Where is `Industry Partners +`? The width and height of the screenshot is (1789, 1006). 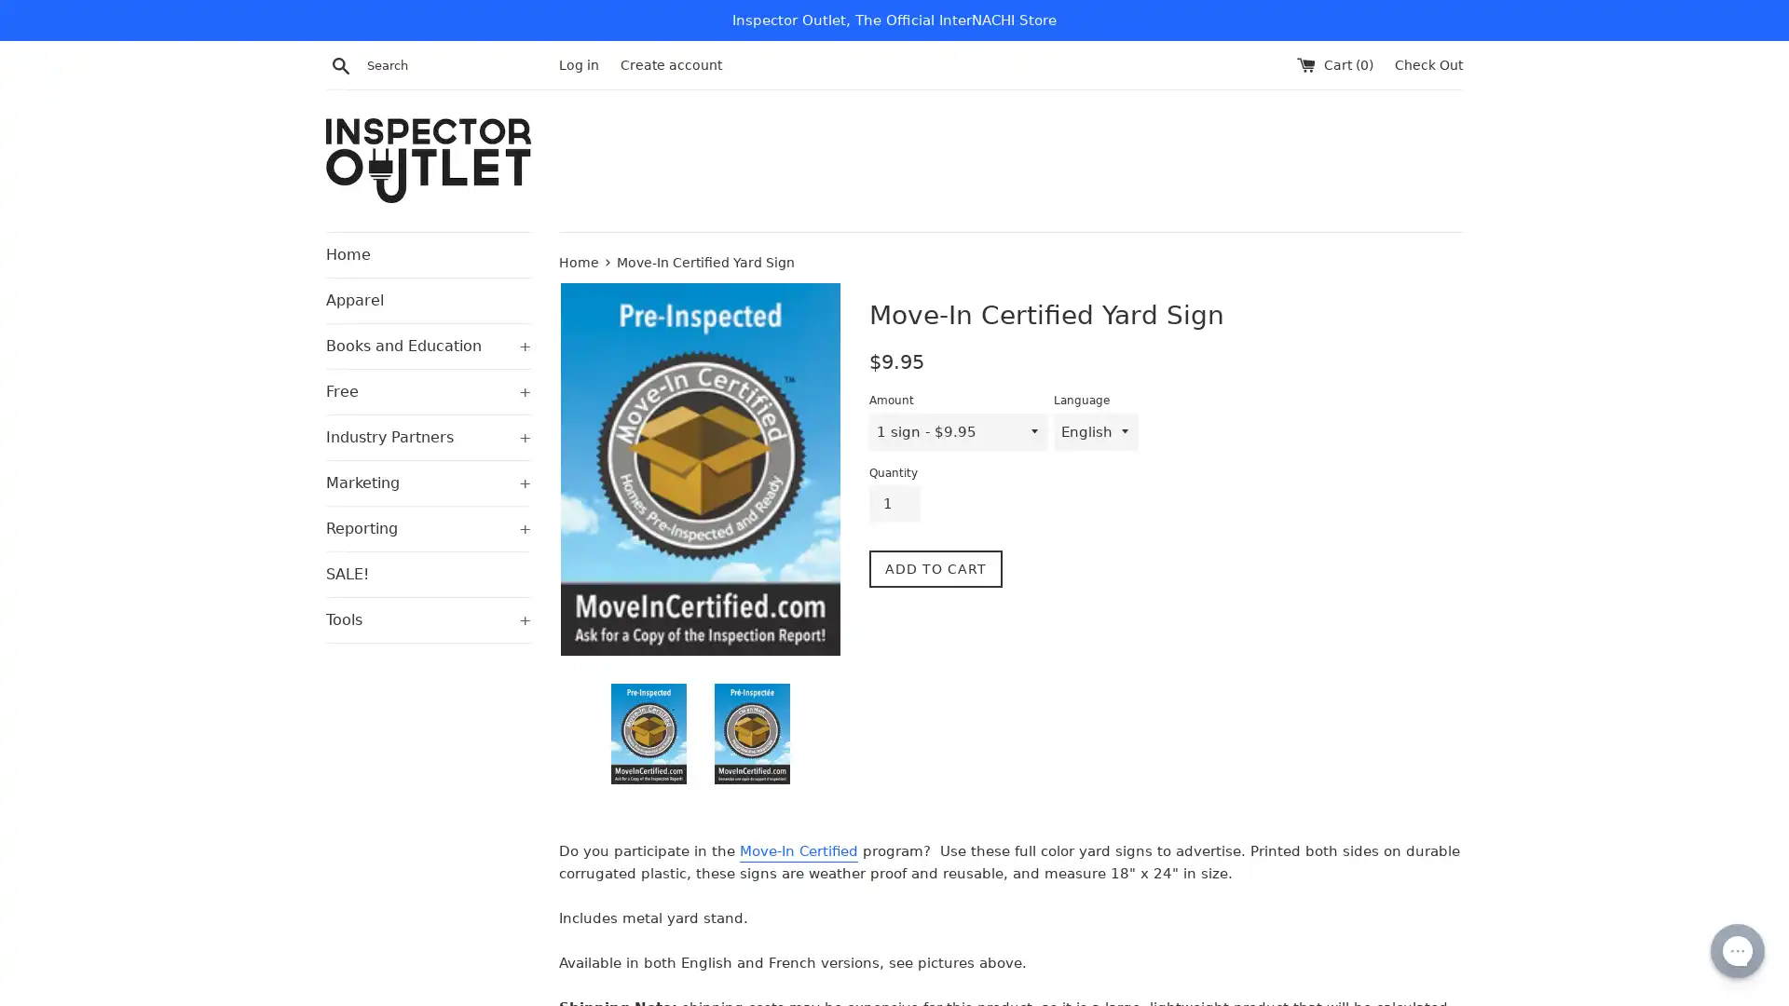
Industry Partners + is located at coordinates (428, 437).